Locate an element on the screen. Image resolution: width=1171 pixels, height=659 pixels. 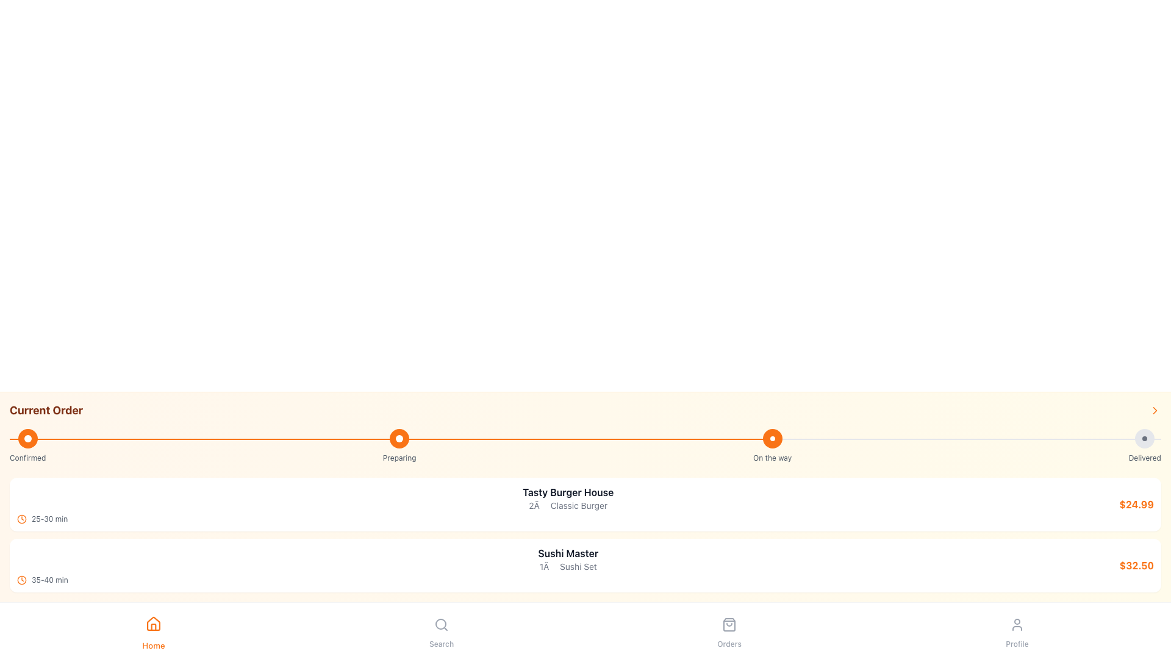
the circular magnifying glass icon within the 'Search' button in the bottom navigation bar is located at coordinates (441, 624).